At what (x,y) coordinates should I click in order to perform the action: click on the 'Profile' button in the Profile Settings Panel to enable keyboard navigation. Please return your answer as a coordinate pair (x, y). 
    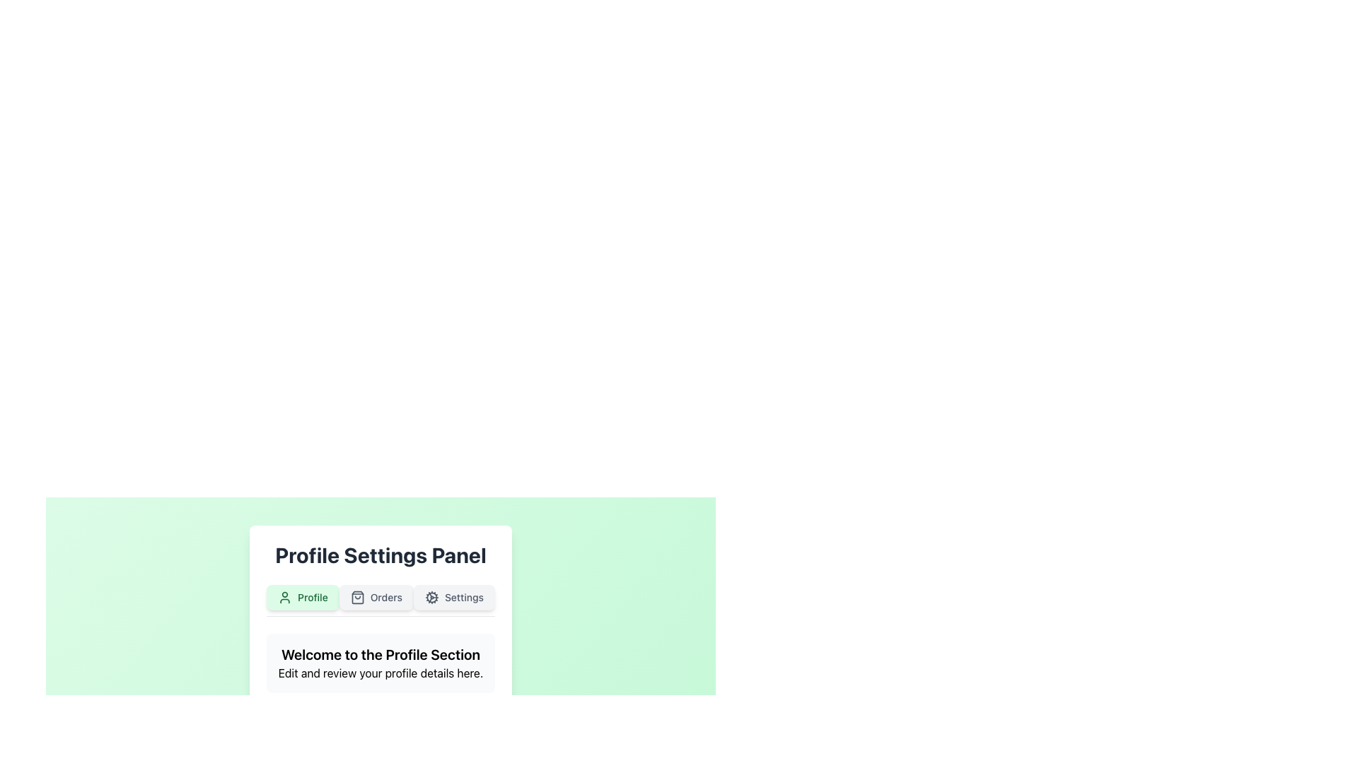
    Looking at the image, I should click on (302, 597).